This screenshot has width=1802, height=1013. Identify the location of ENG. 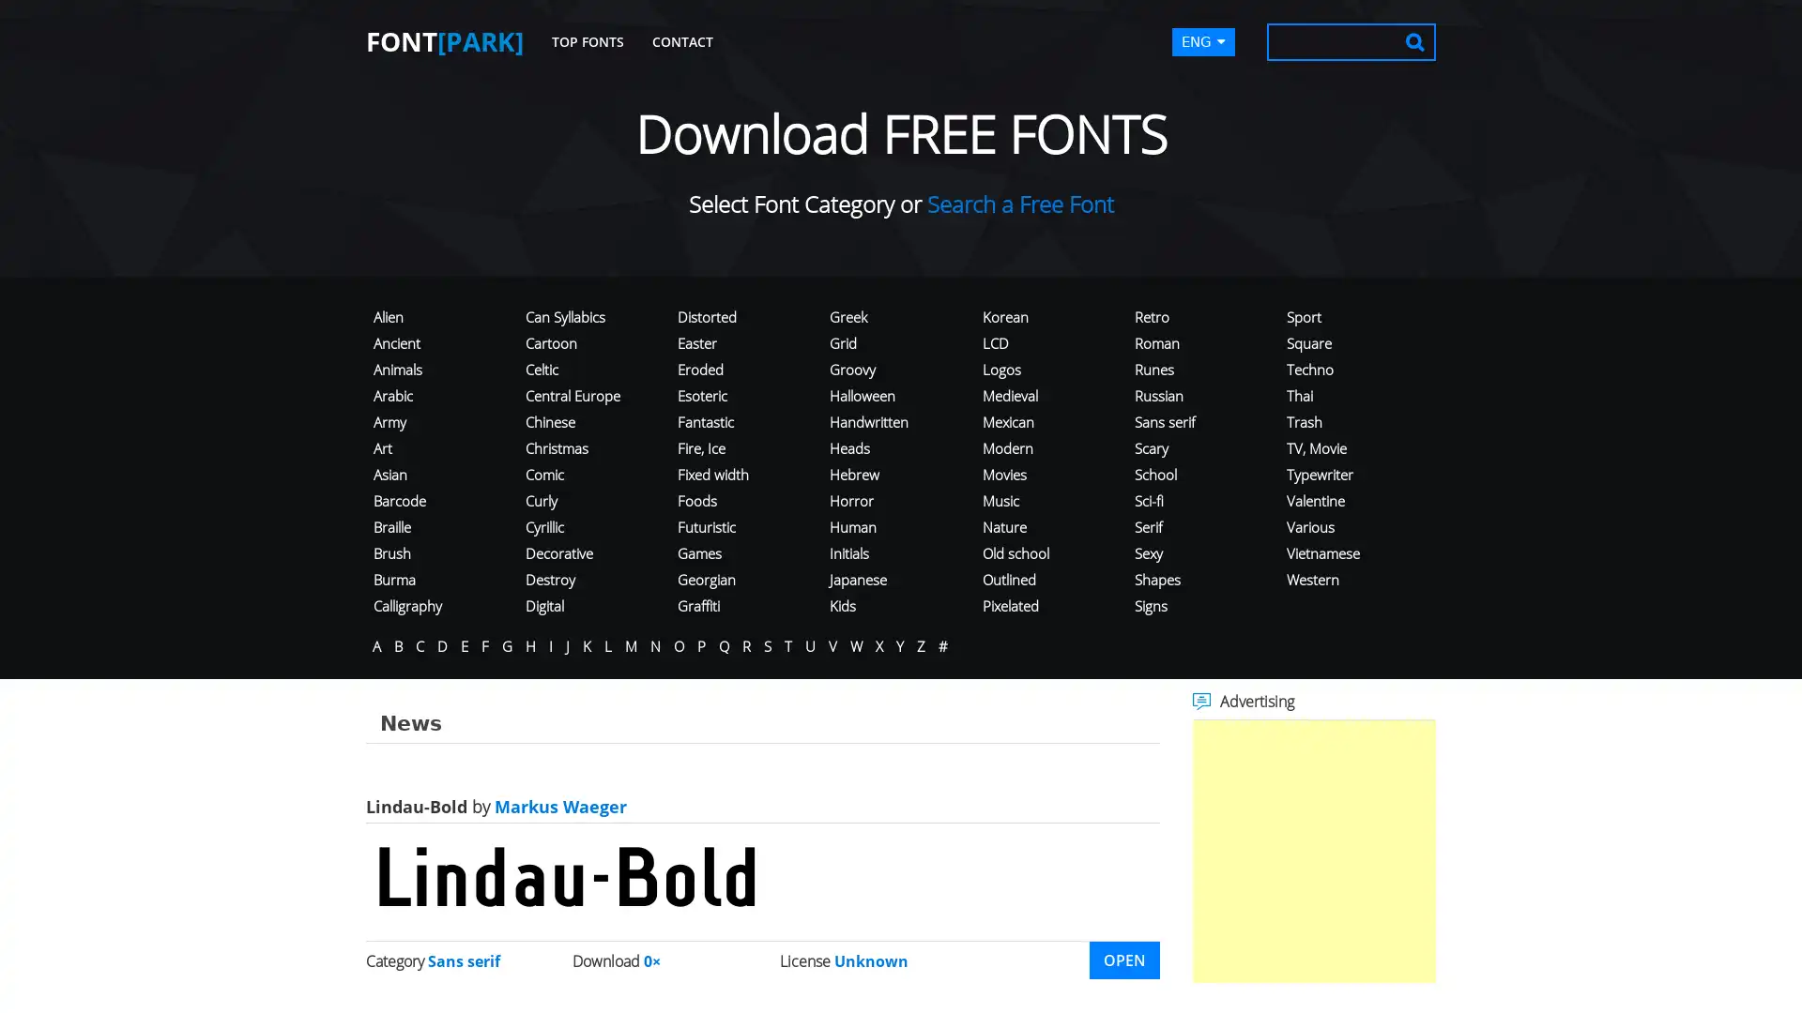
(1203, 42).